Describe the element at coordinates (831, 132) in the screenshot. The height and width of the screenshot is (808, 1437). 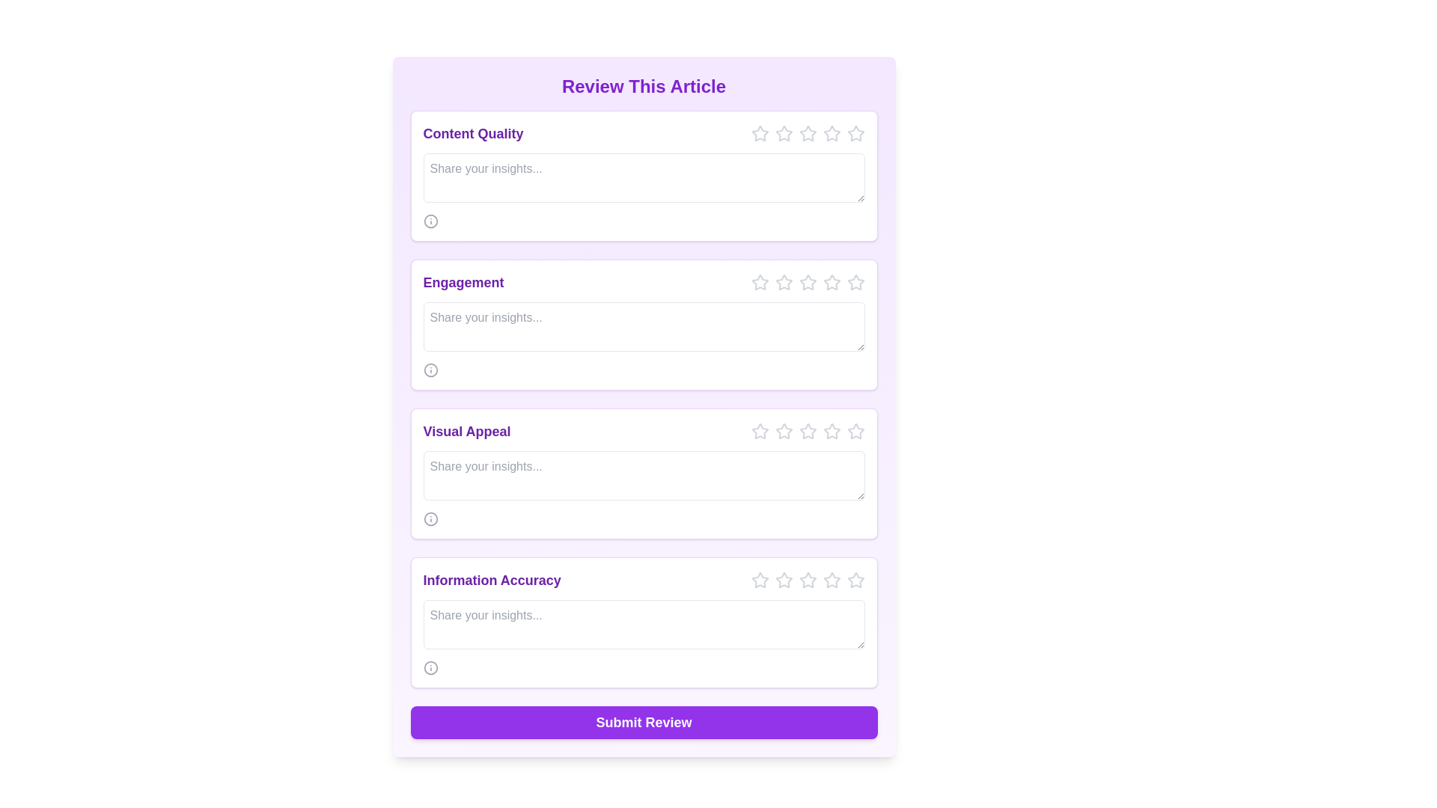
I see `the fifth star icon in the 'Content Quality' section` at that location.